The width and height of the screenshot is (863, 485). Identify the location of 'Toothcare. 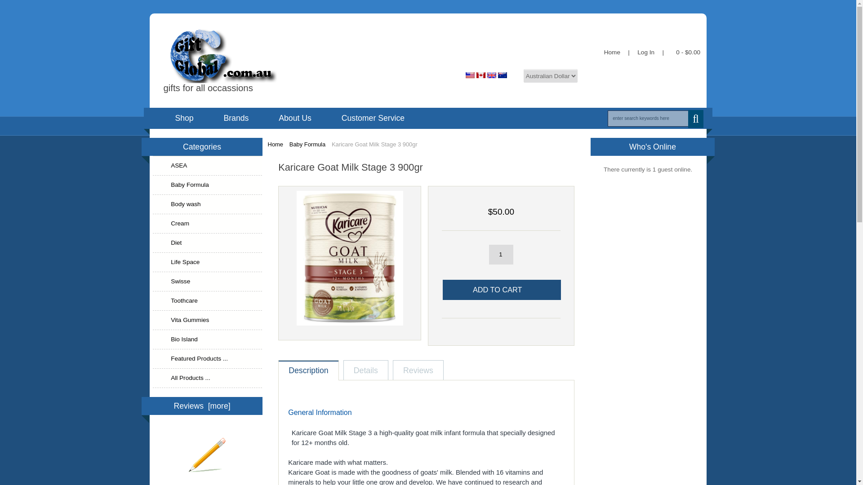
(207, 301).